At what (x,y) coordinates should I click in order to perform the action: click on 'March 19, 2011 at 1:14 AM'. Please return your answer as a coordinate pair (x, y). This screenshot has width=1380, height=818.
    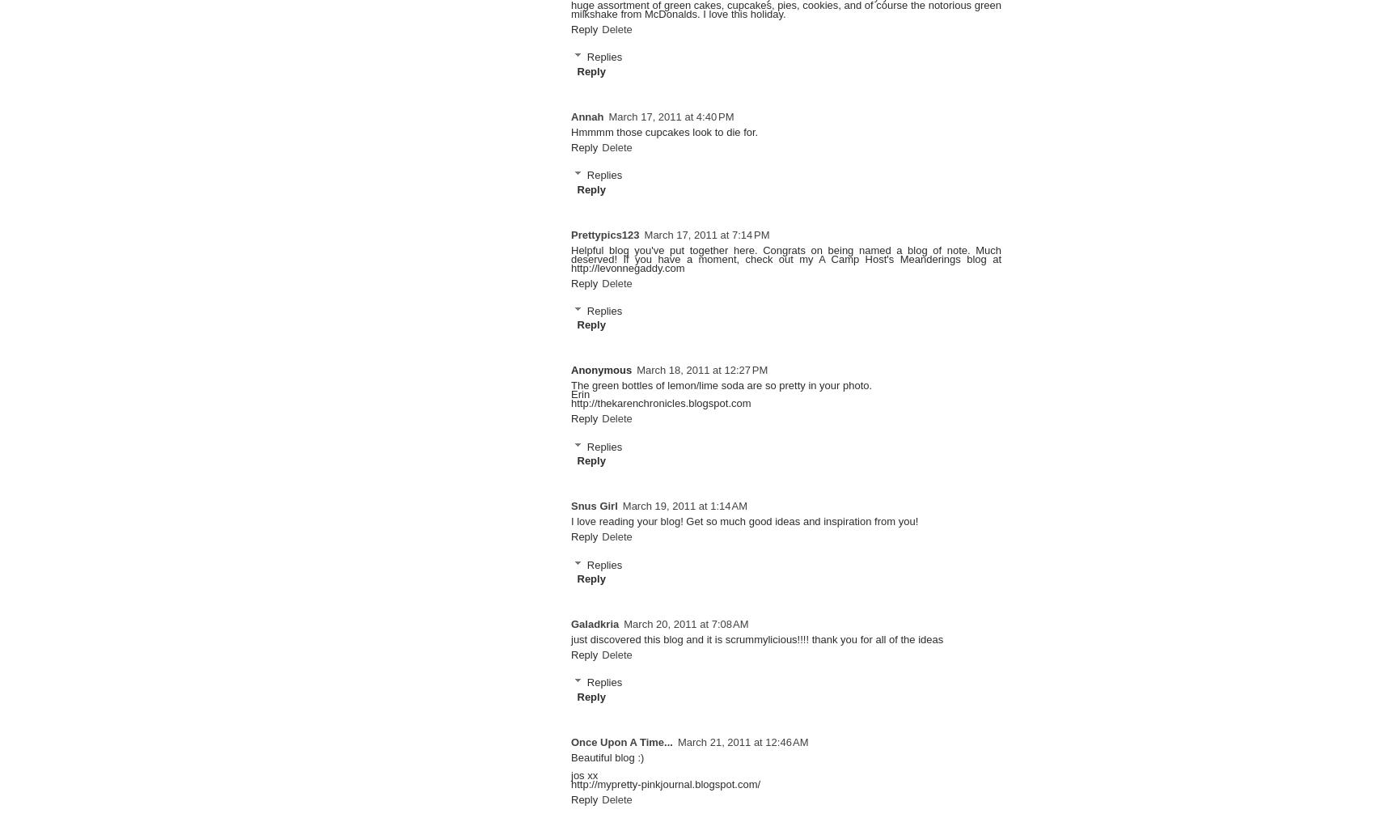
    Looking at the image, I should click on (684, 506).